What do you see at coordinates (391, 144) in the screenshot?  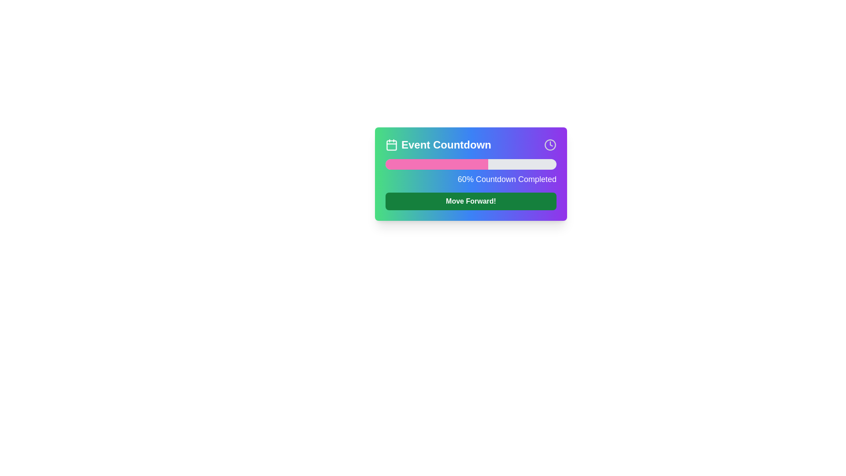 I see `the calendar-like icon positioned to the left of the 'Event Countdown' text` at bounding box center [391, 144].